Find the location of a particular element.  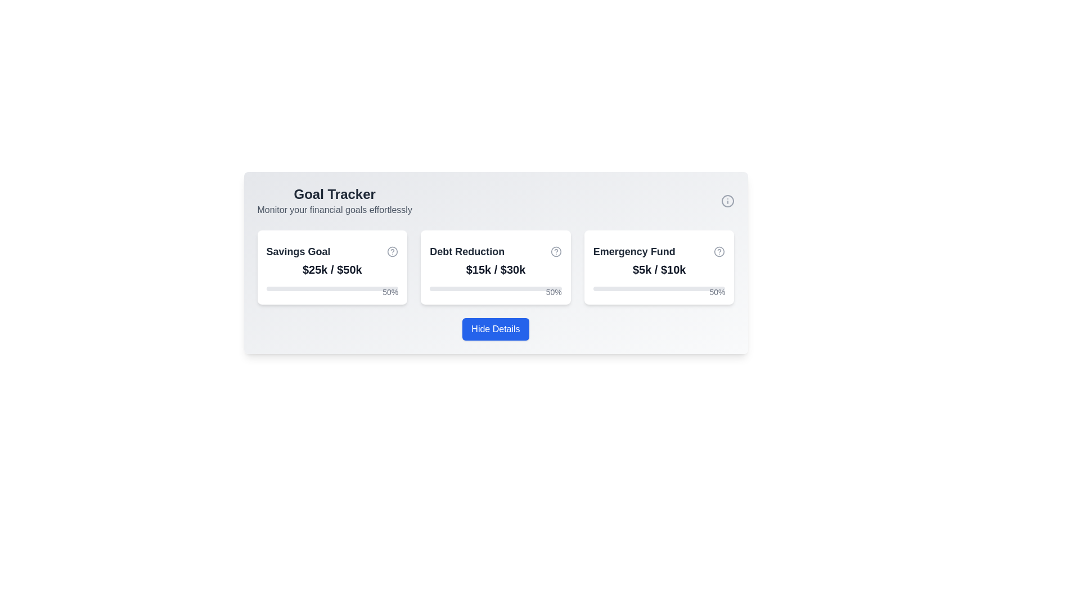

the text label that reads 'Monitor your financial goals effortlessly', which is styled in a smaller gray font and positioned directly below the 'Goal Tracker' heading is located at coordinates (334, 210).